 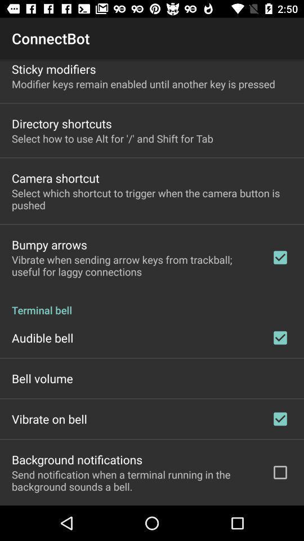 I want to click on the vibrate when sending, so click(x=134, y=265).